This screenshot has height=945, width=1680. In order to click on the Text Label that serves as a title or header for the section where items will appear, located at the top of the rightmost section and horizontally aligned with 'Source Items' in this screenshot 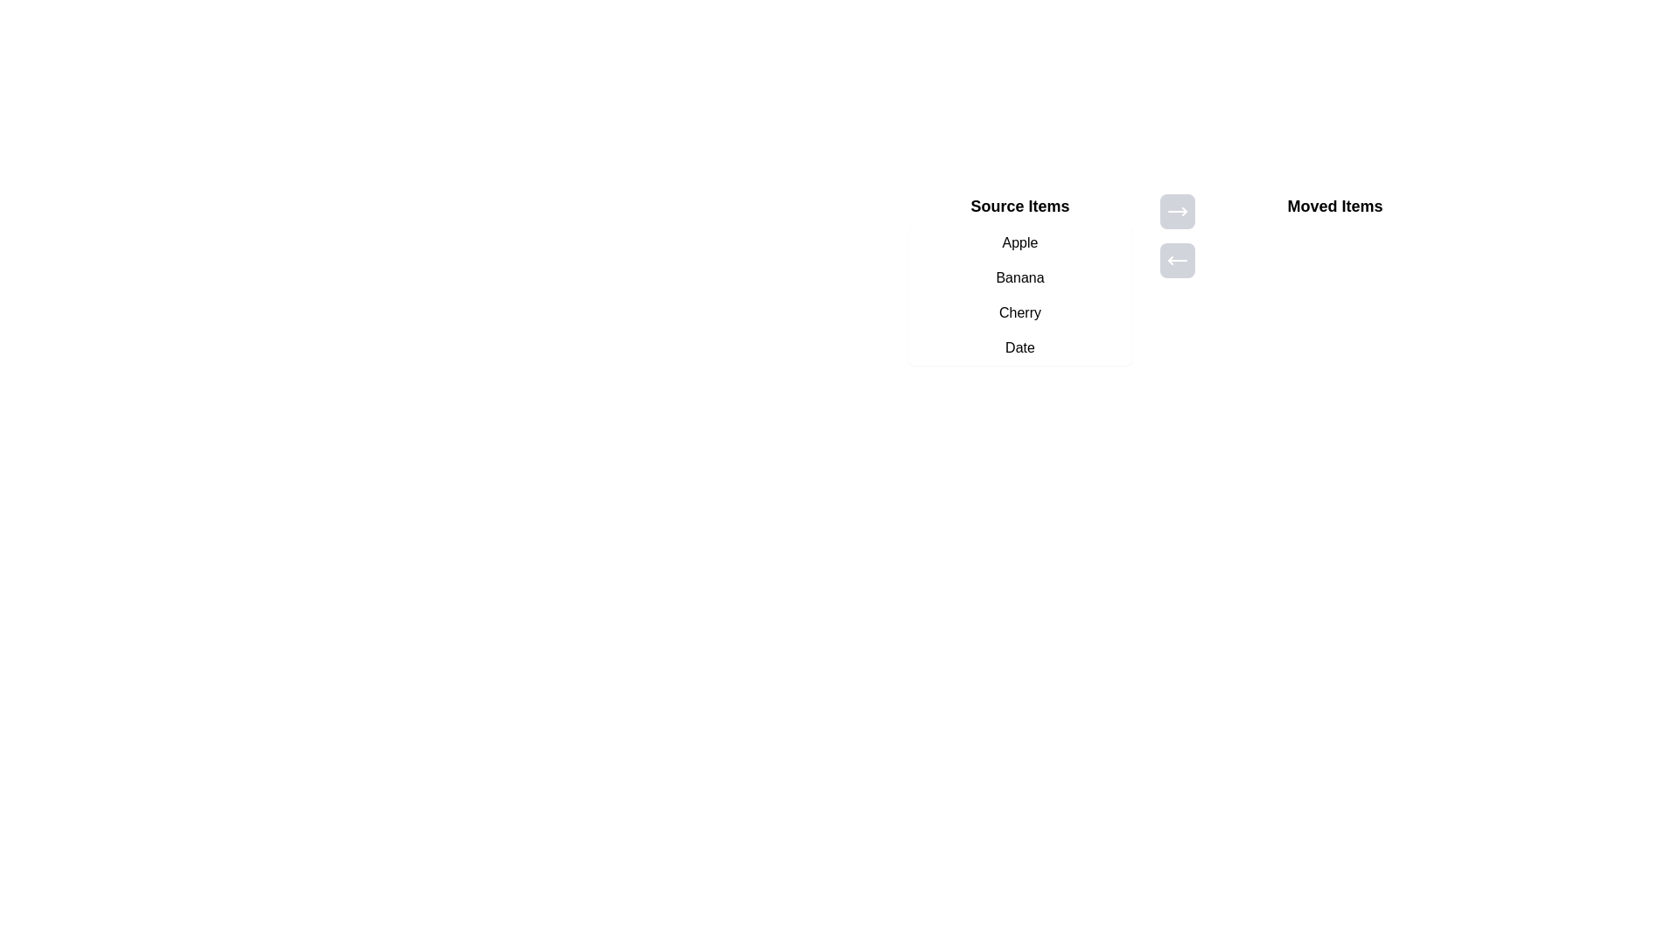, I will do `click(1334, 208)`.